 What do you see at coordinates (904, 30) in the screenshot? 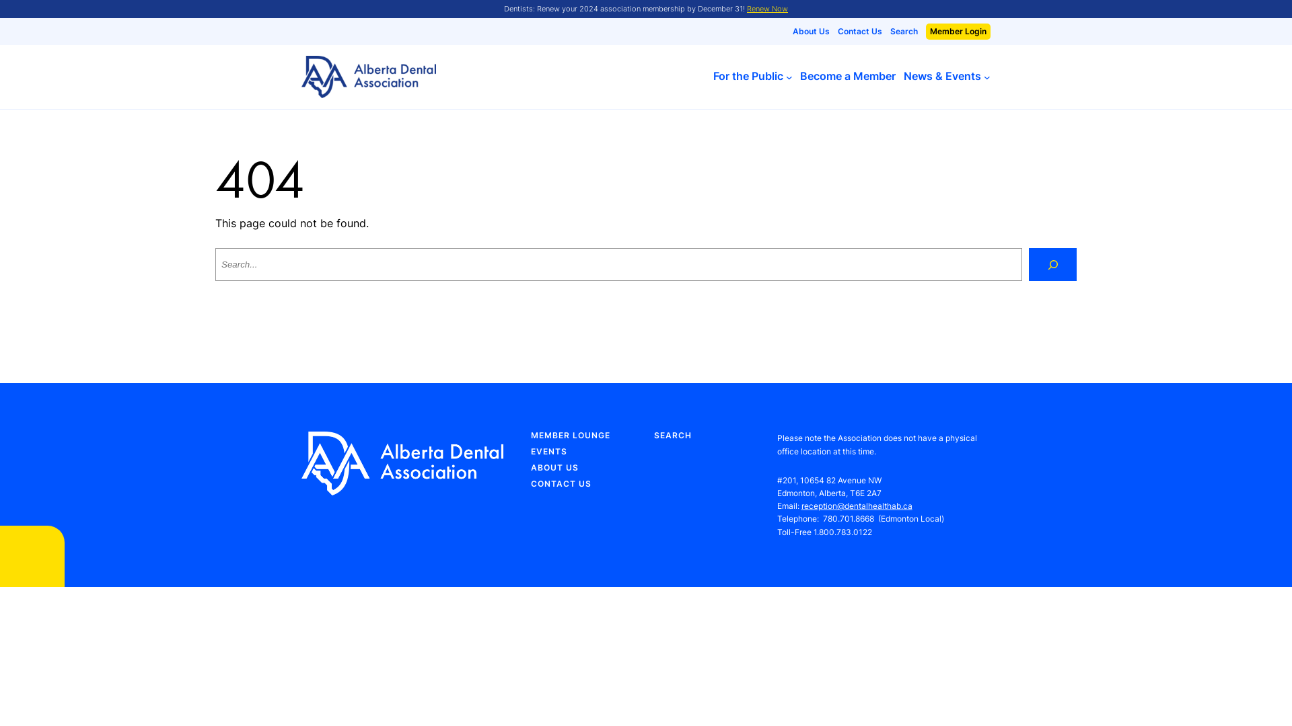
I see `'Search'` at bounding box center [904, 30].